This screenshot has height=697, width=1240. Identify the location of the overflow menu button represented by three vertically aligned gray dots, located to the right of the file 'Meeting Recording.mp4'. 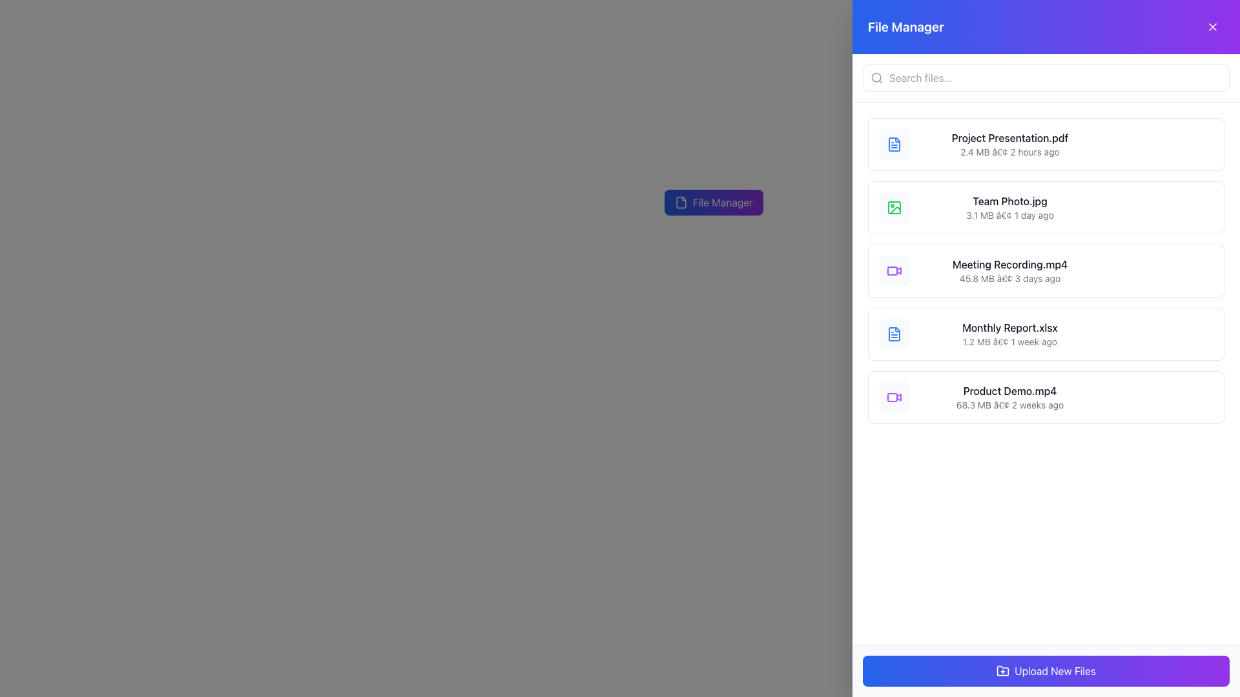
(1162, 270).